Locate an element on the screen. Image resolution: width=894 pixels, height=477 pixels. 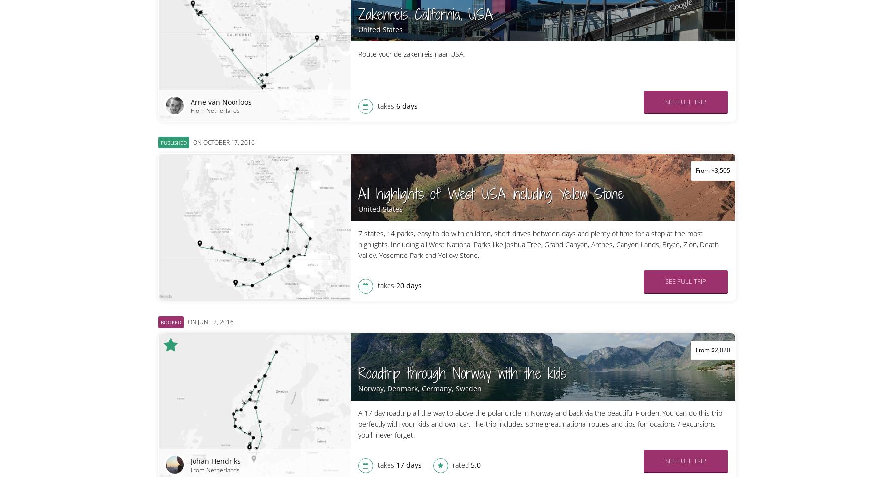
'All highlights of West USA including Yellow Stone' is located at coordinates (490, 193).